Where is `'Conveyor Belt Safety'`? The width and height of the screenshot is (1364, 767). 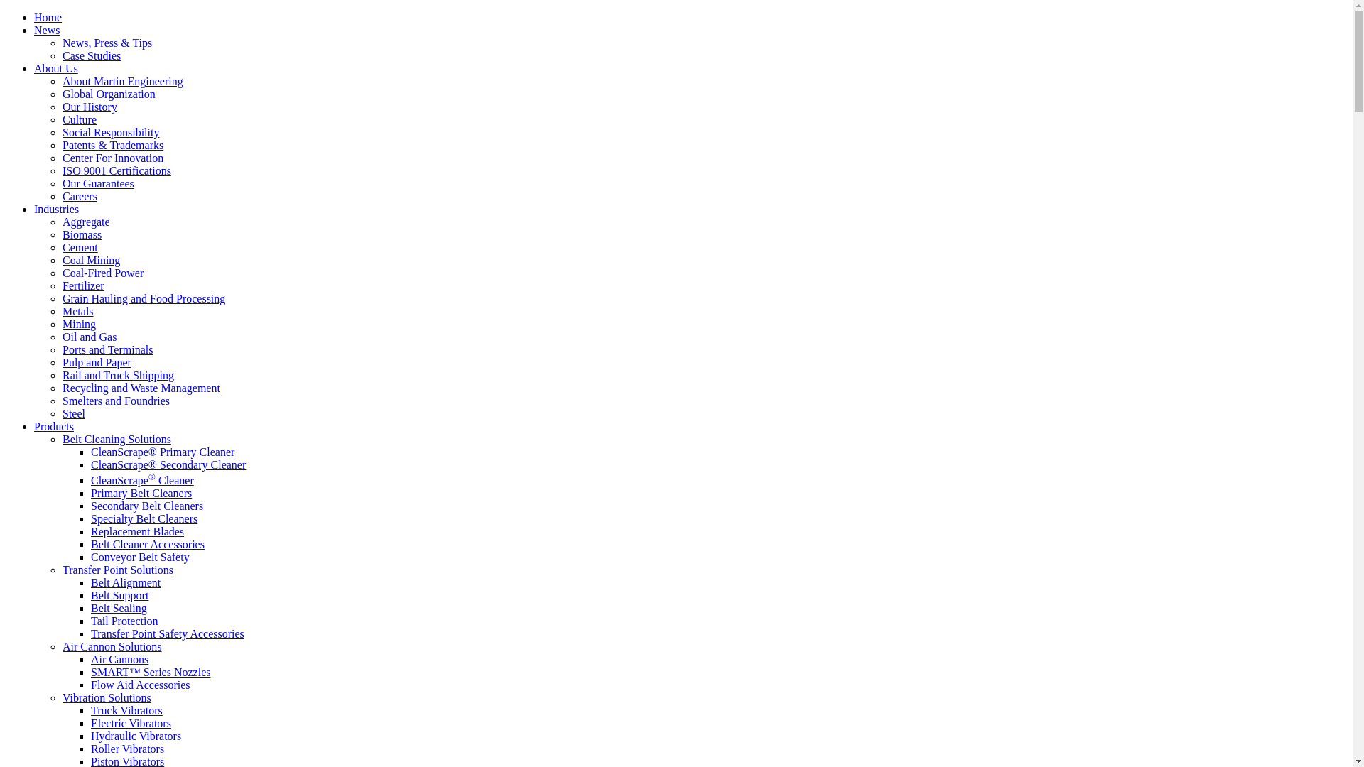 'Conveyor Belt Safety' is located at coordinates (140, 556).